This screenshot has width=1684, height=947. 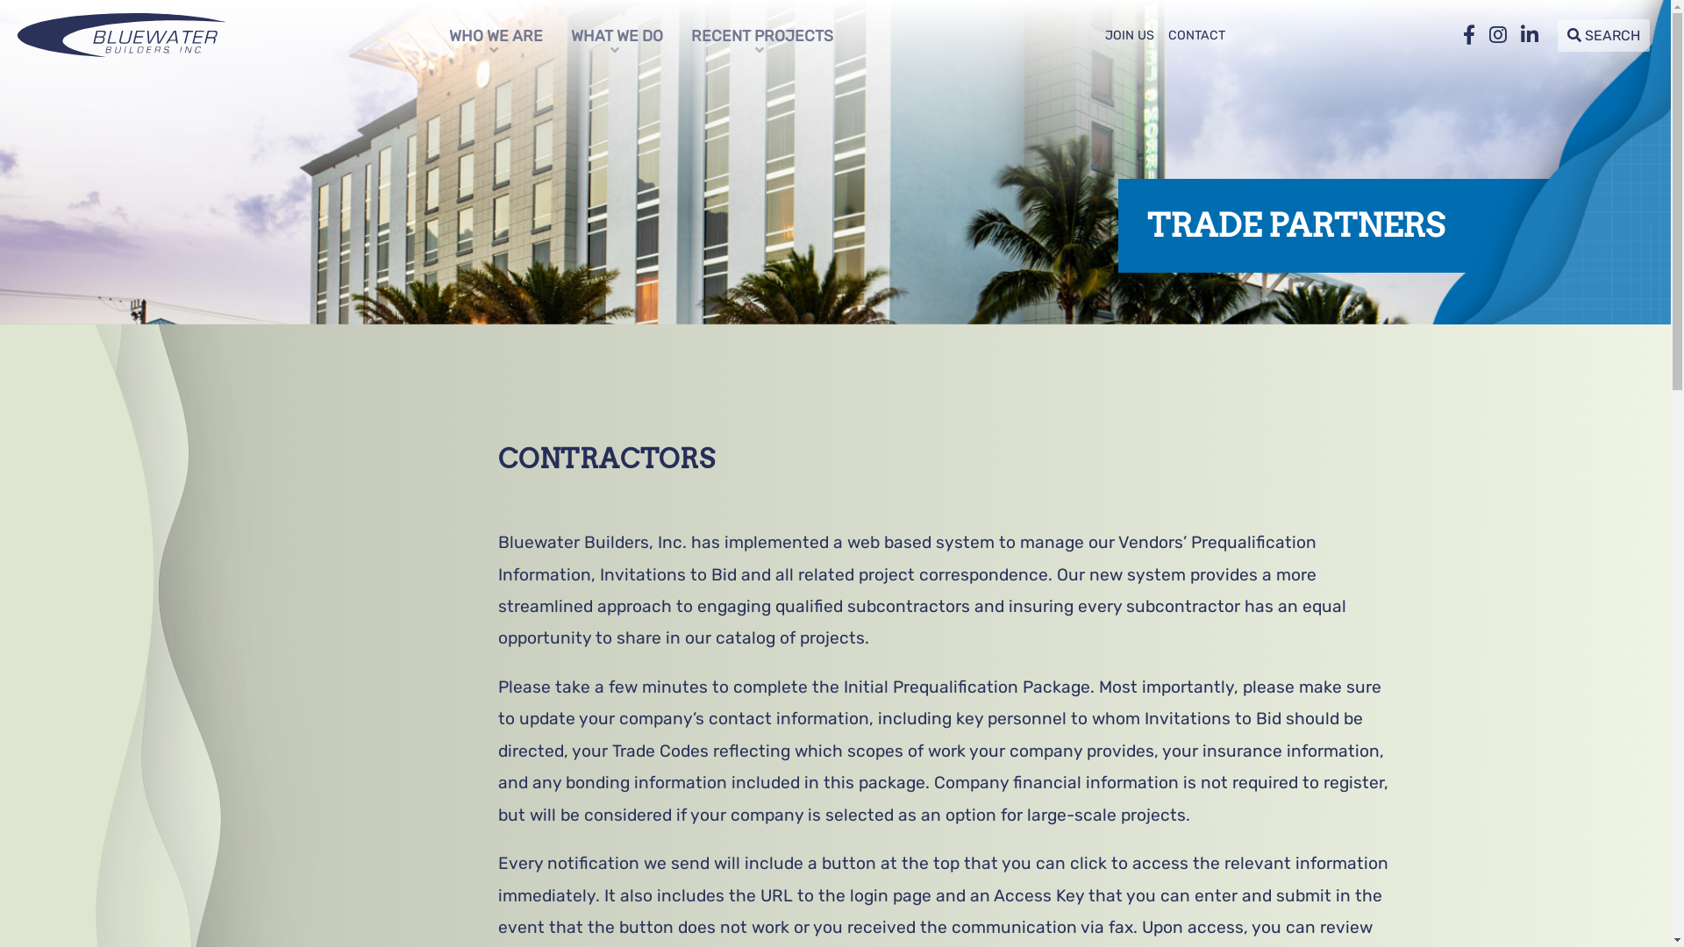 What do you see at coordinates (495, 35) in the screenshot?
I see `'WHO WE ARE'` at bounding box center [495, 35].